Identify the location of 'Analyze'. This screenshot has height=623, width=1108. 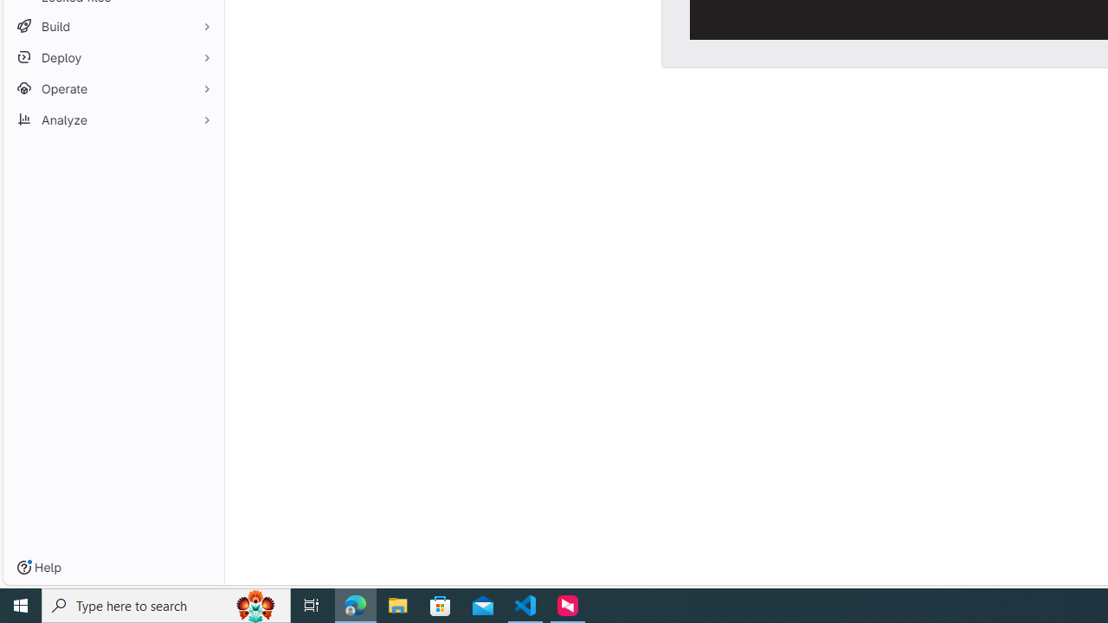
(113, 119).